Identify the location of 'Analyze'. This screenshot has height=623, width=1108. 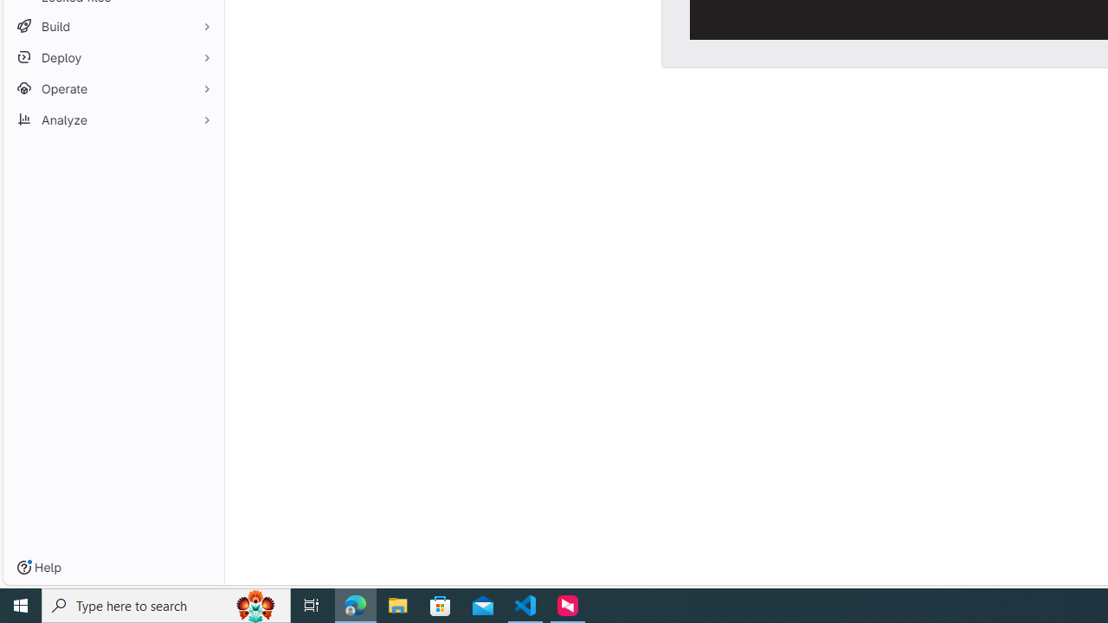
(113, 119).